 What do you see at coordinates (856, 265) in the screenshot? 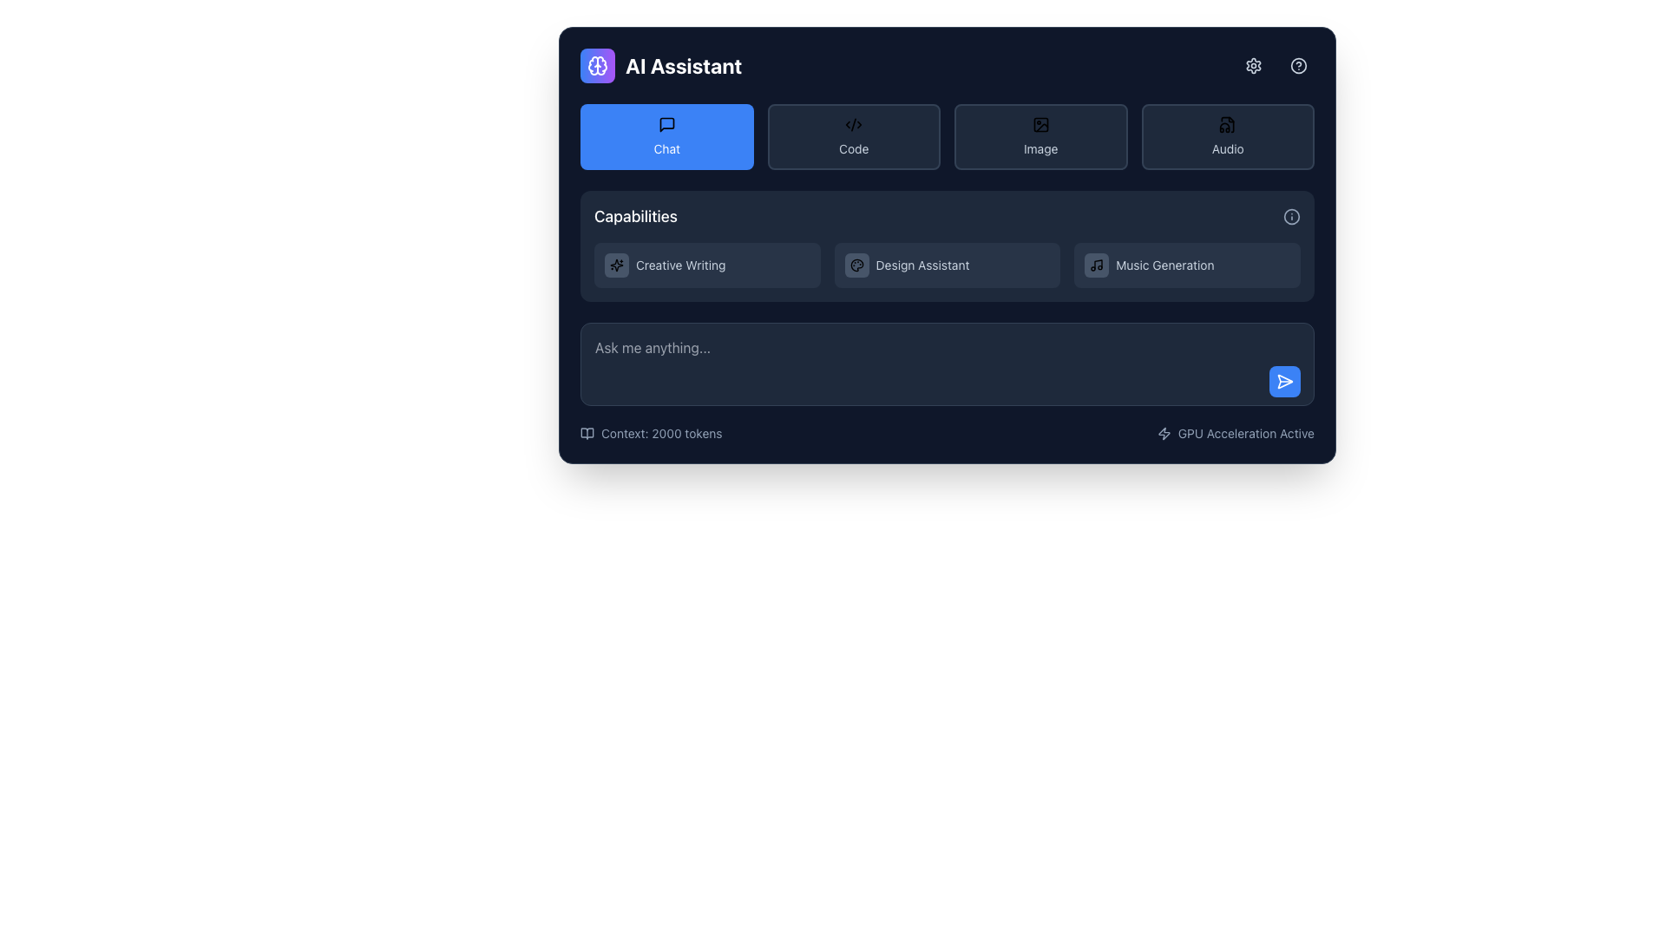
I see `the button with a palette icon, located under the 'Capabilities' header` at bounding box center [856, 265].